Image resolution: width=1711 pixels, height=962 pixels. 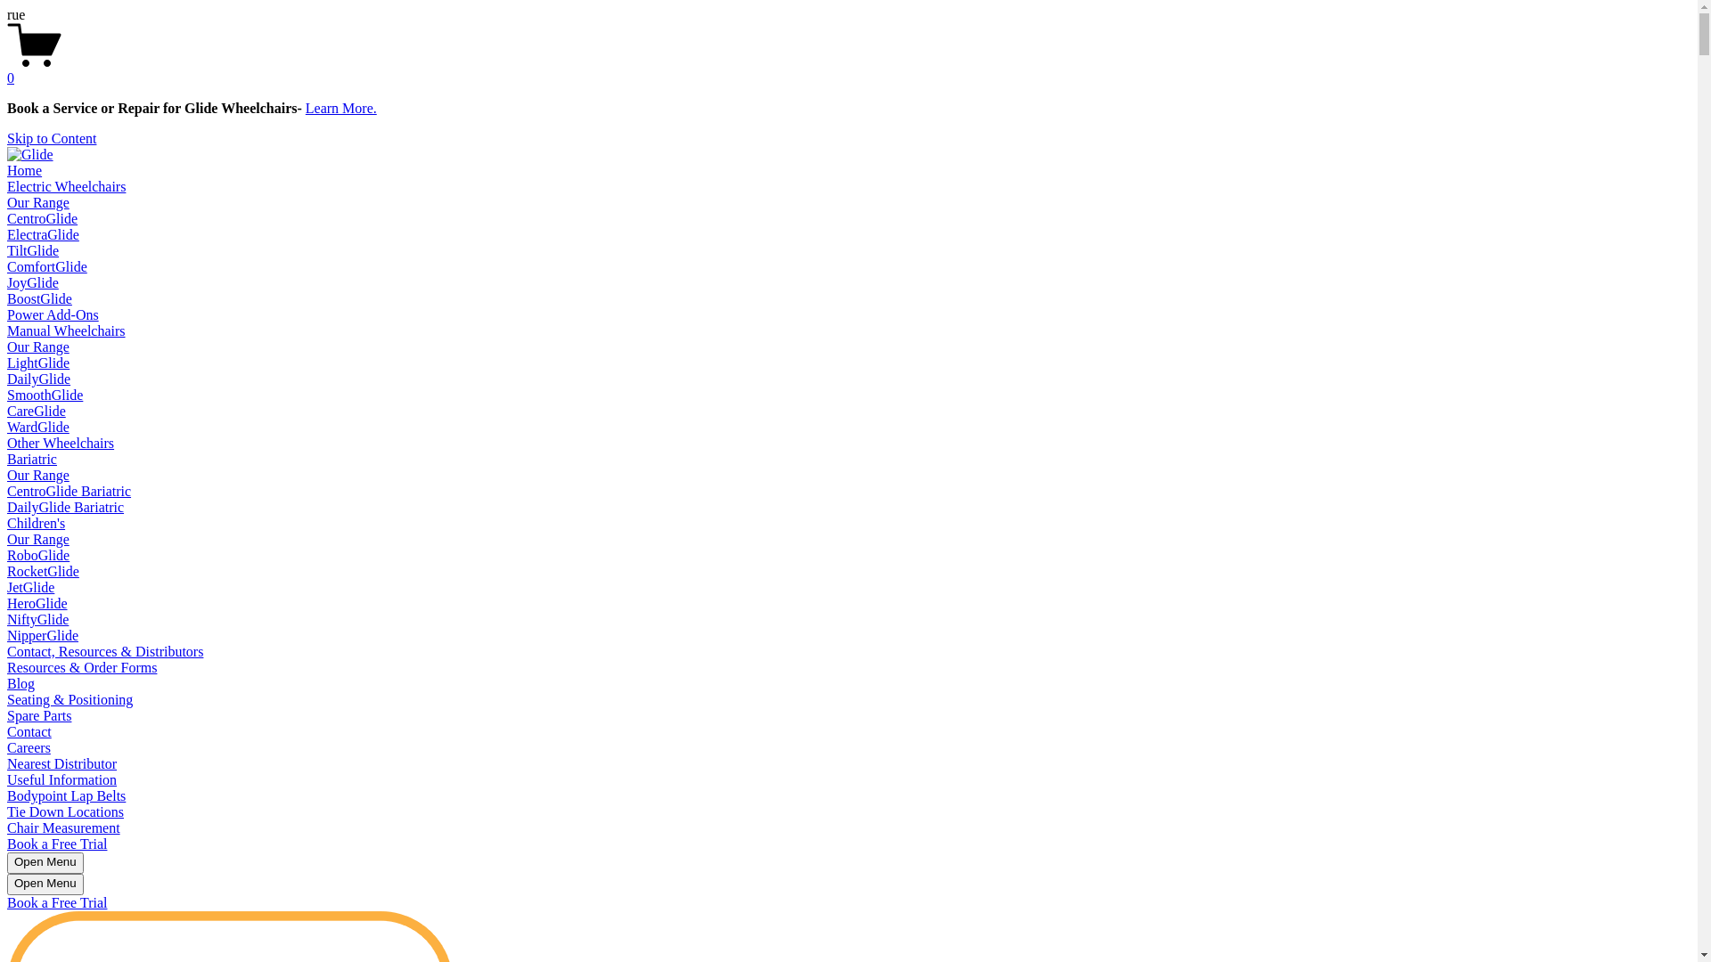 What do you see at coordinates (24, 170) in the screenshot?
I see `'Home'` at bounding box center [24, 170].